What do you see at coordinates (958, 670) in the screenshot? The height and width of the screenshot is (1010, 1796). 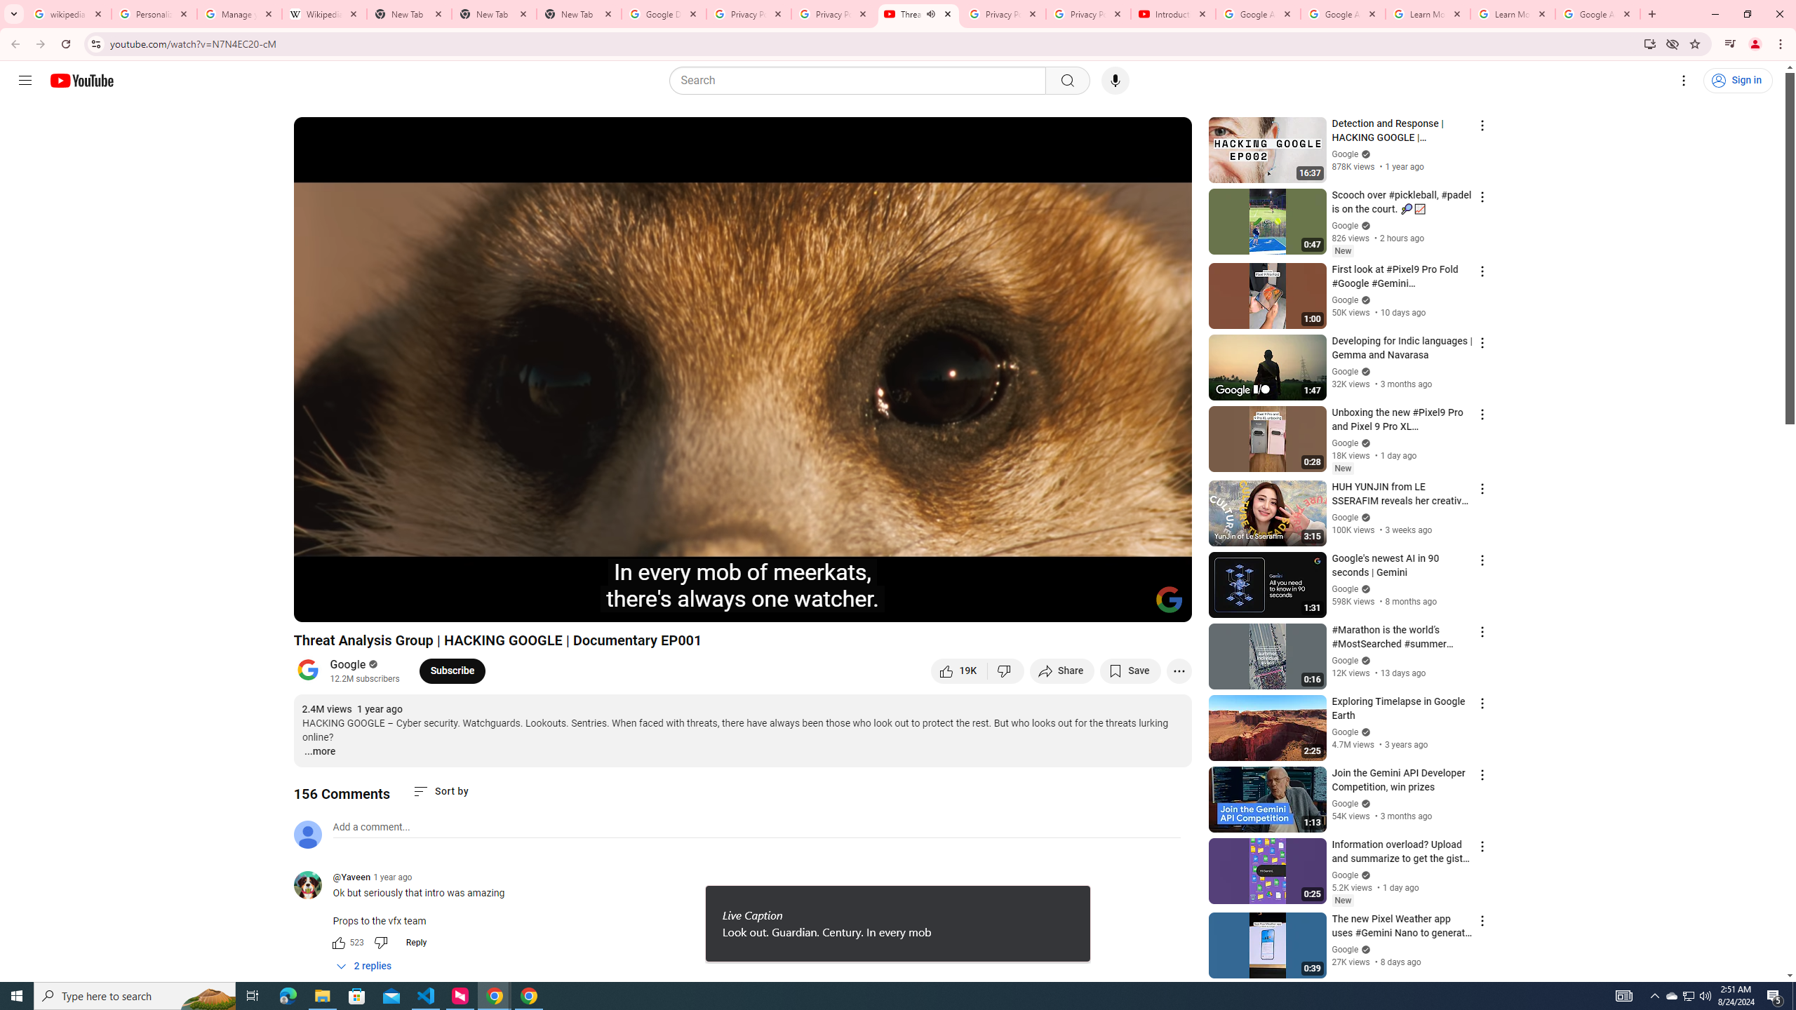 I see `'like this video along with 19,267 other people'` at bounding box center [958, 670].